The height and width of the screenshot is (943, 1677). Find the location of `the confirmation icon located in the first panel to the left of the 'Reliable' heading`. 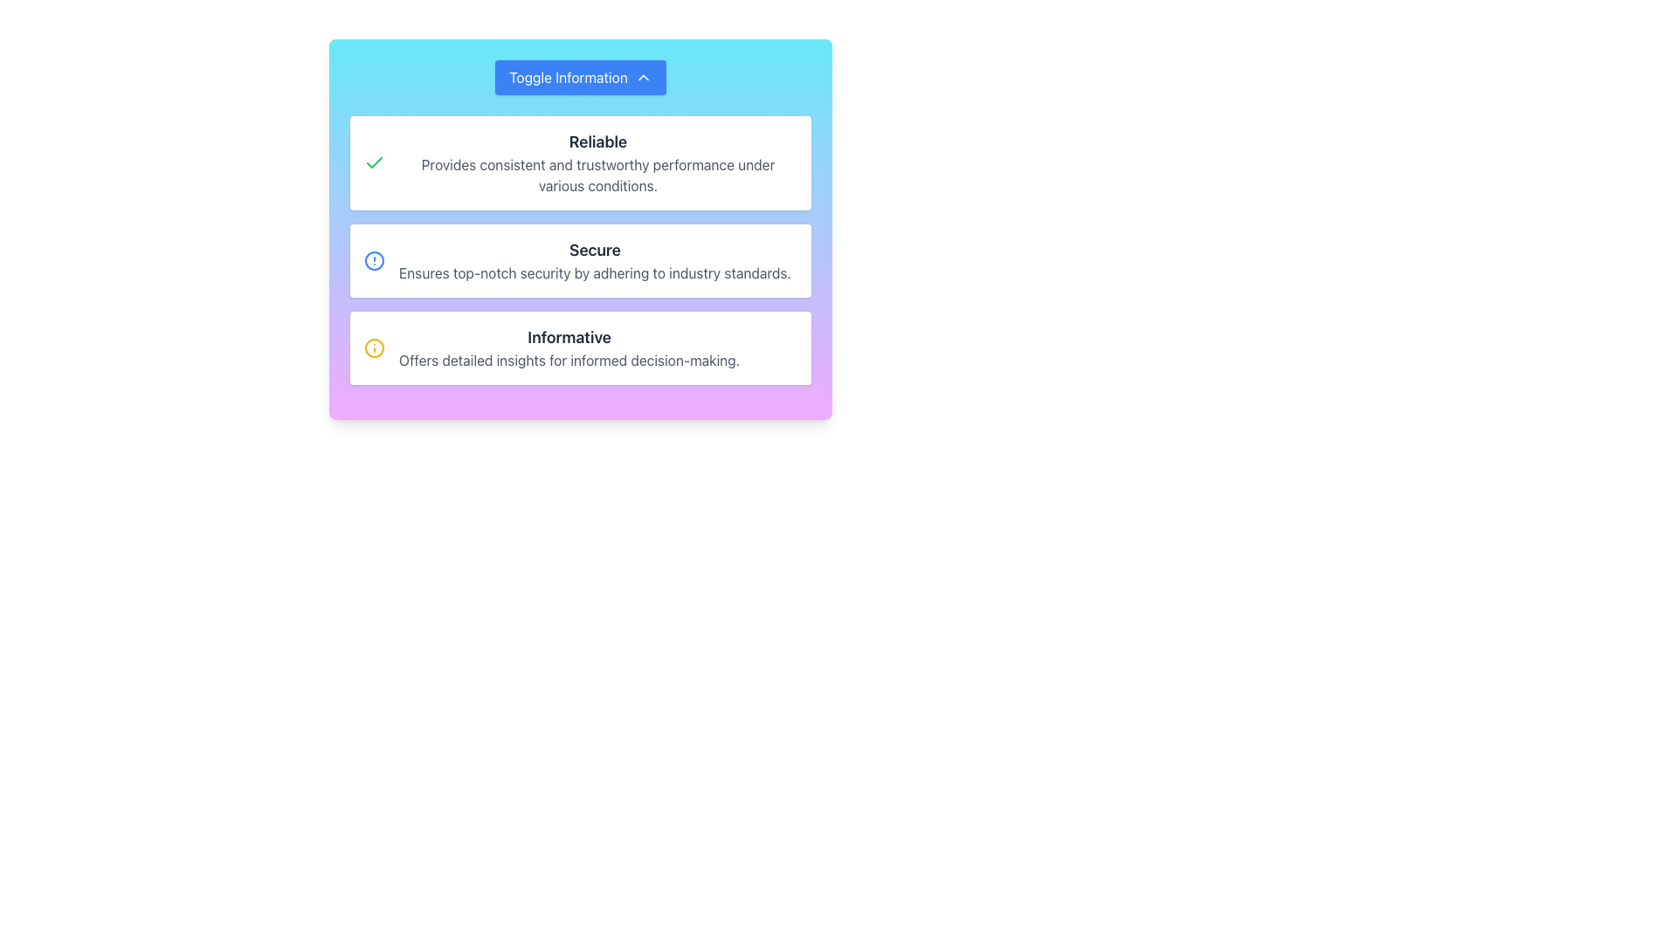

the confirmation icon located in the first panel to the left of the 'Reliable' heading is located at coordinates (373, 162).